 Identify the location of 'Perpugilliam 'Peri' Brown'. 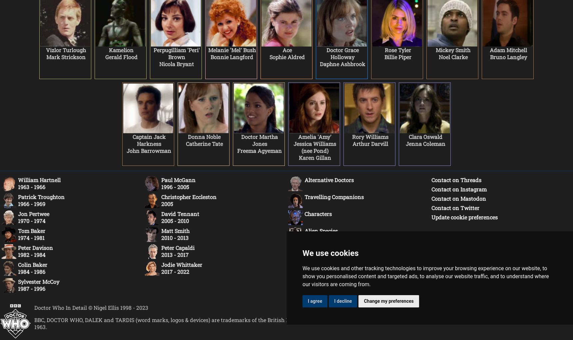
(176, 54).